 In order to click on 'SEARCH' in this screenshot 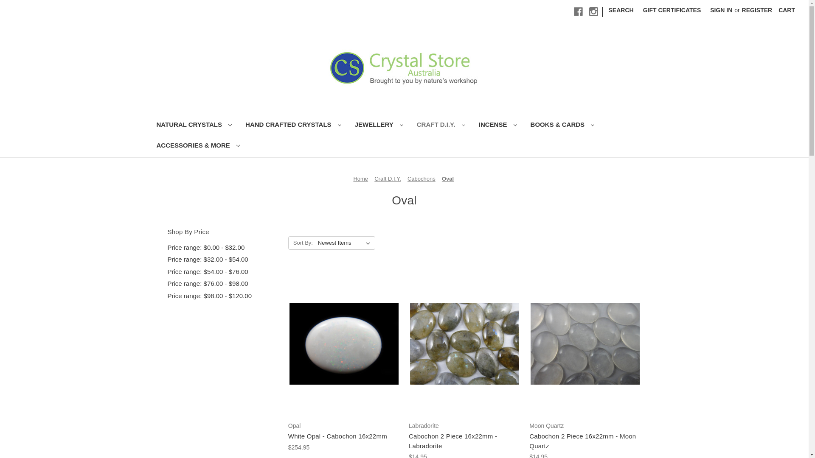, I will do `click(621, 10)`.